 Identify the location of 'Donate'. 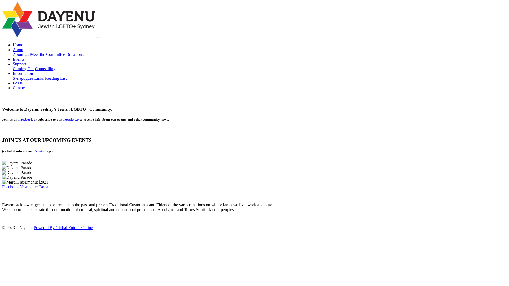
(45, 186).